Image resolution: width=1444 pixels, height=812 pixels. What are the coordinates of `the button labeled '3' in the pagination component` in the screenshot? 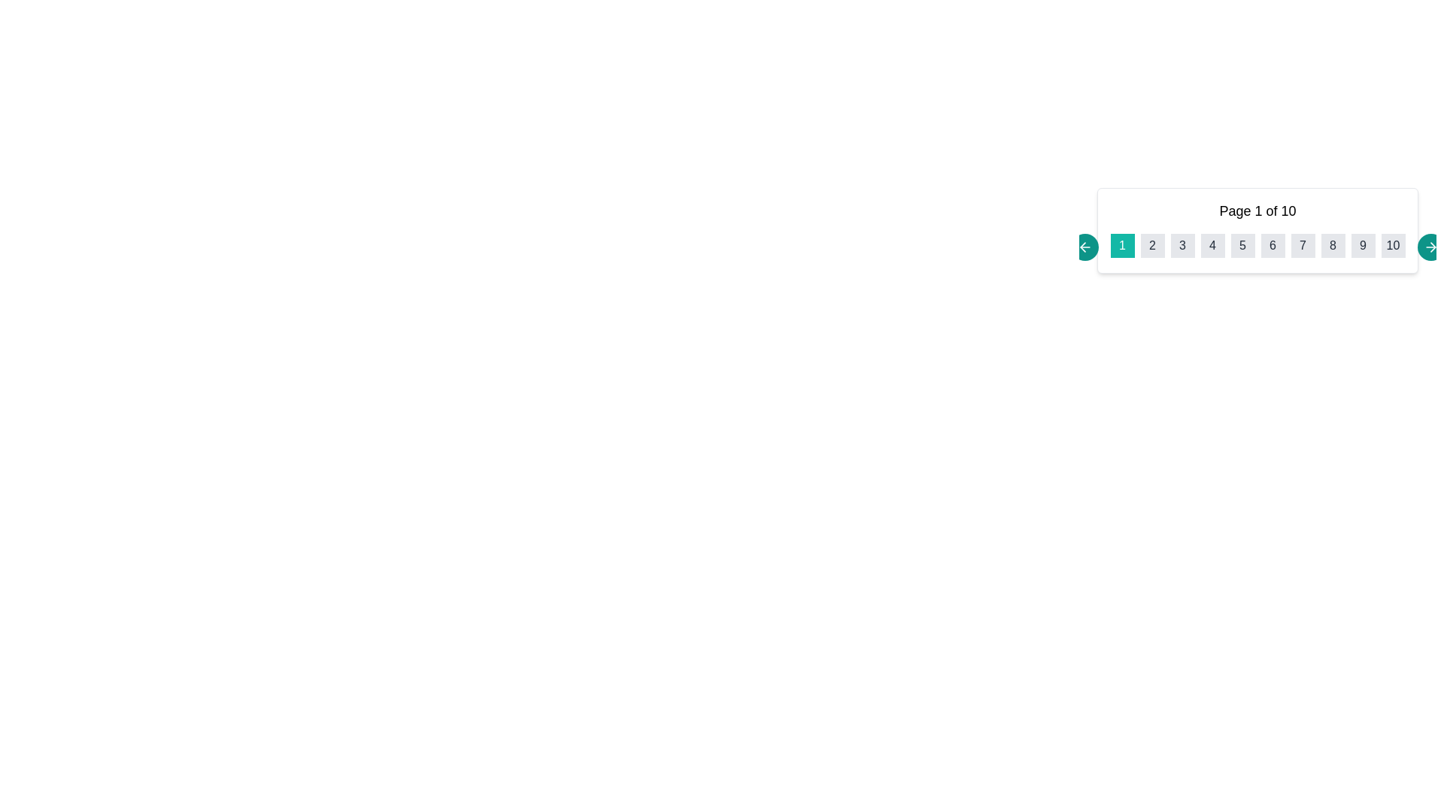 It's located at (1182, 245).